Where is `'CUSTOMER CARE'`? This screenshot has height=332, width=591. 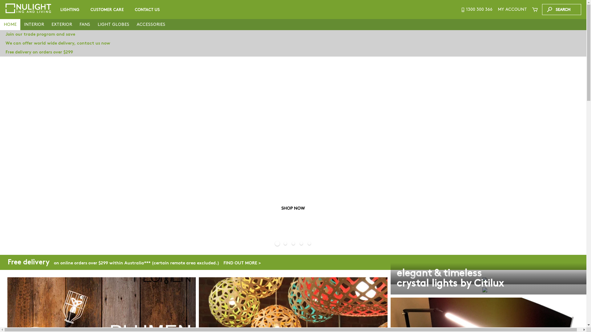 'CUSTOMER CARE' is located at coordinates (107, 10).